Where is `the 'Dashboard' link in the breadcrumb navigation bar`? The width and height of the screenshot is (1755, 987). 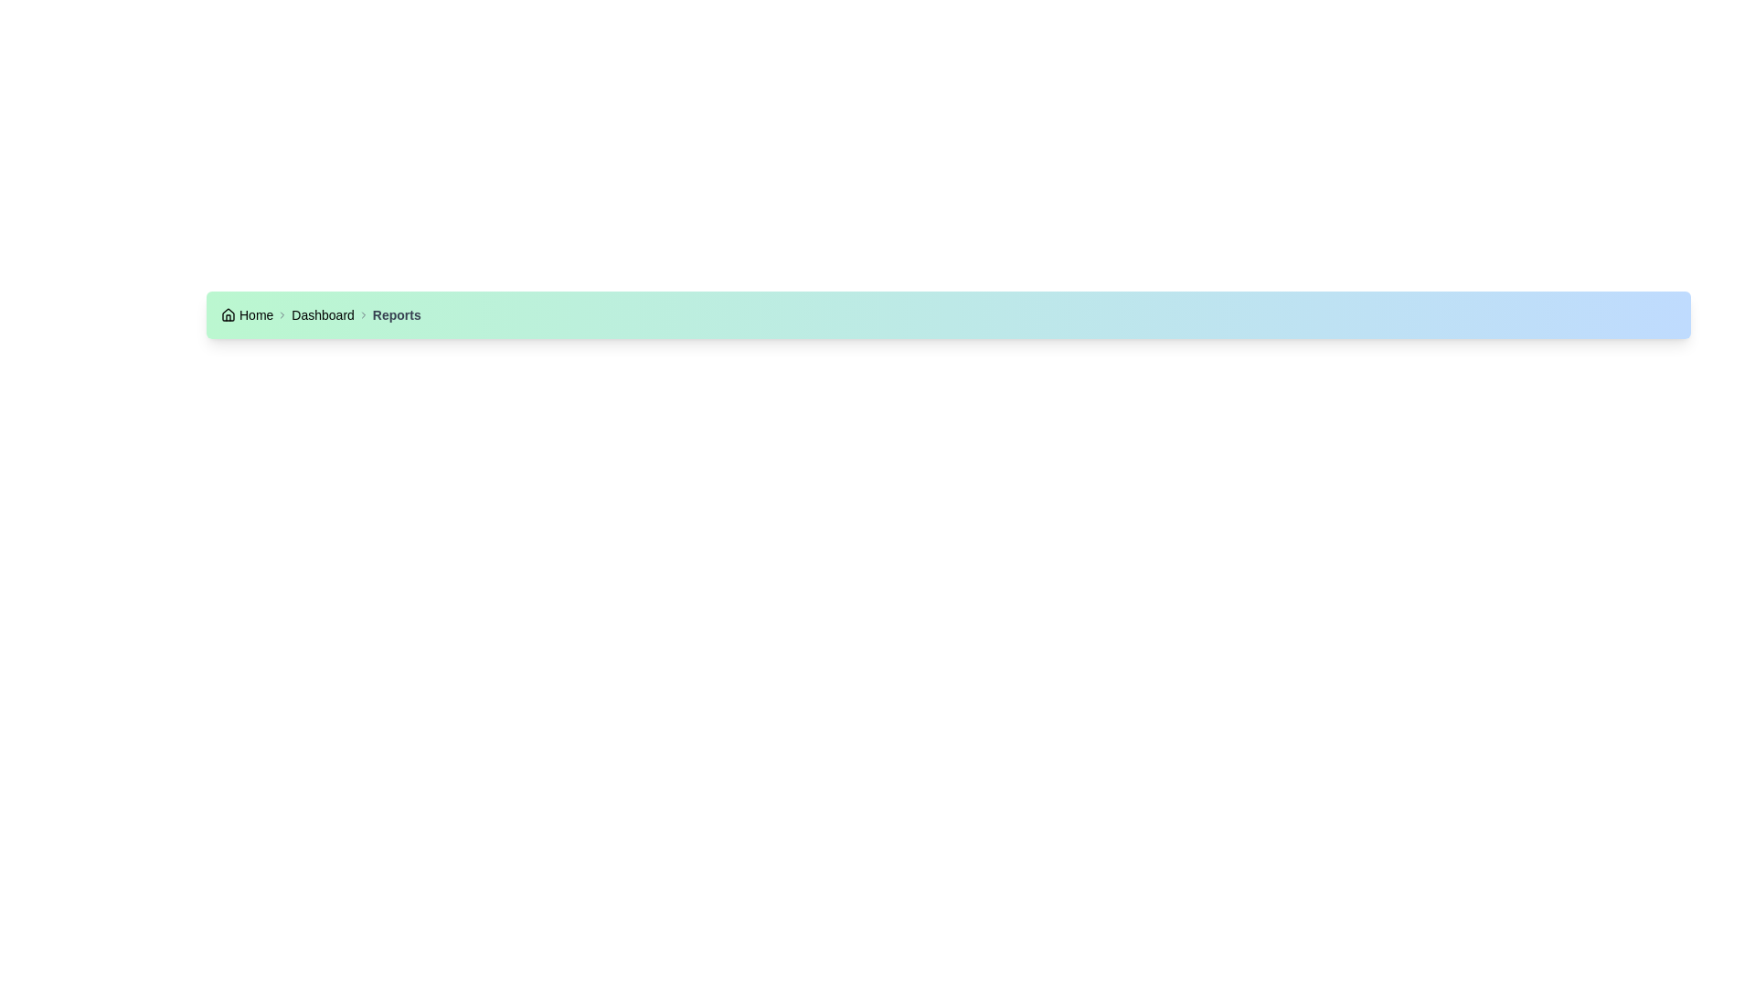
the 'Dashboard' link in the breadcrumb navigation bar is located at coordinates (323, 313).